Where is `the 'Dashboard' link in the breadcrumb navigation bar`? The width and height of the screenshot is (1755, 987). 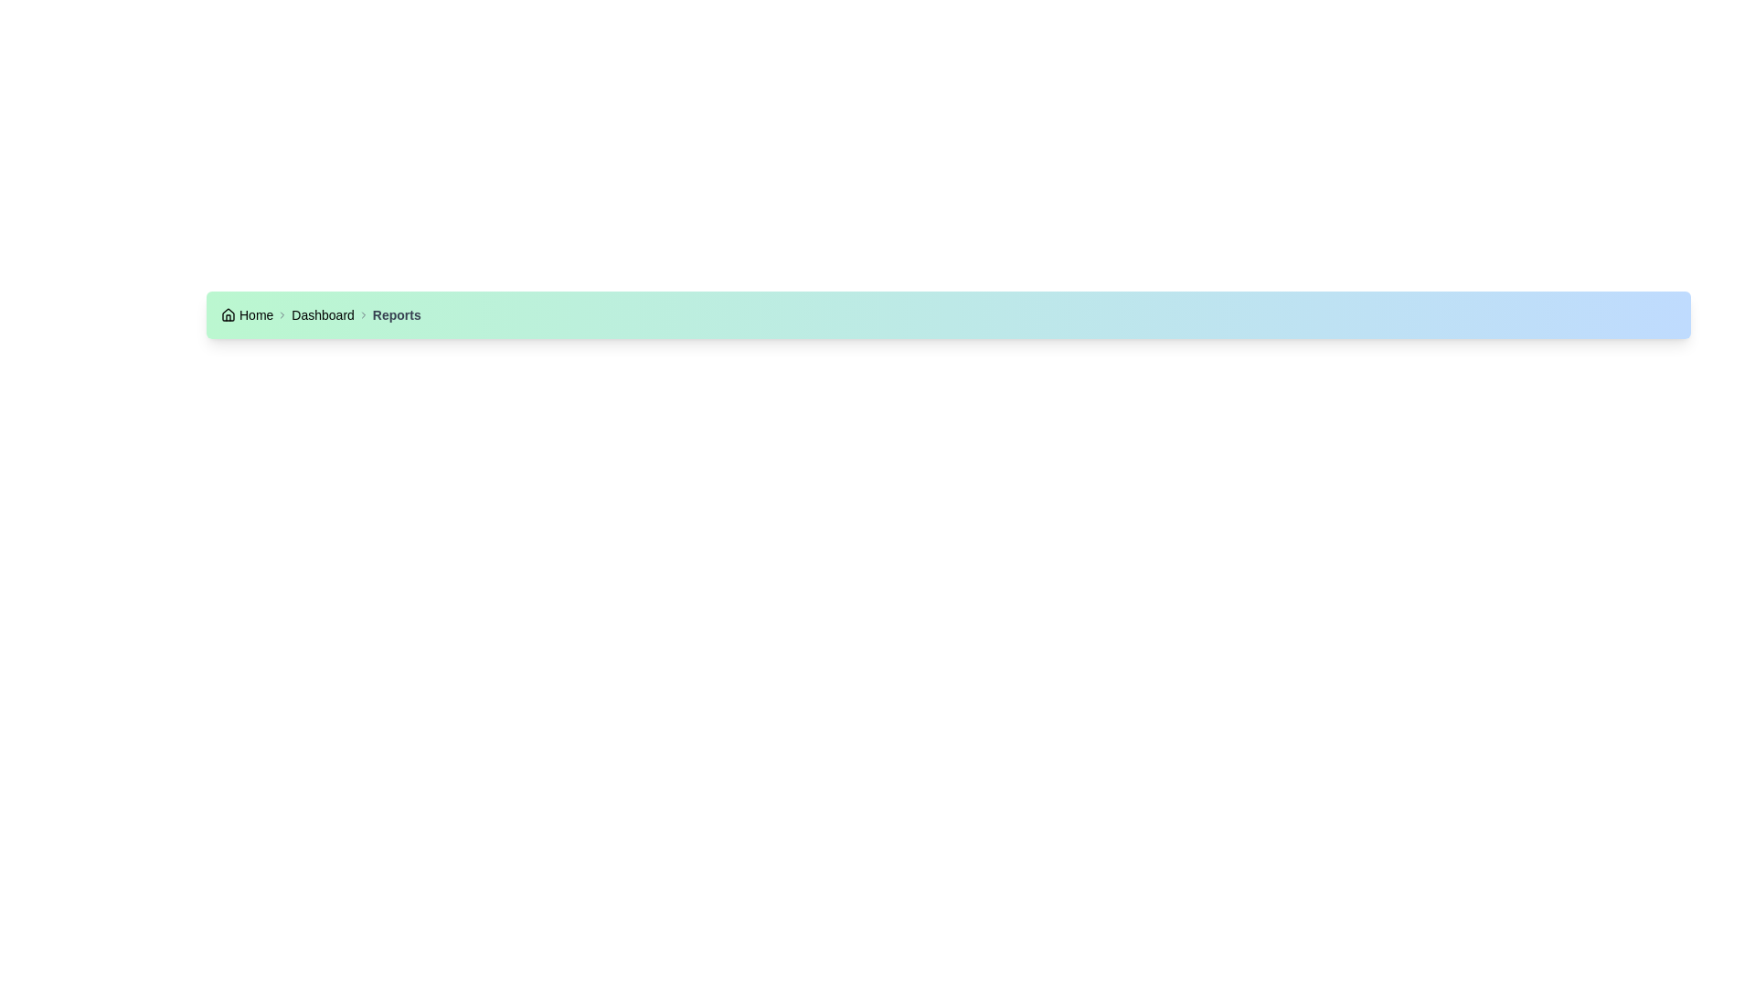
the 'Dashboard' link in the breadcrumb navigation bar is located at coordinates (323, 313).